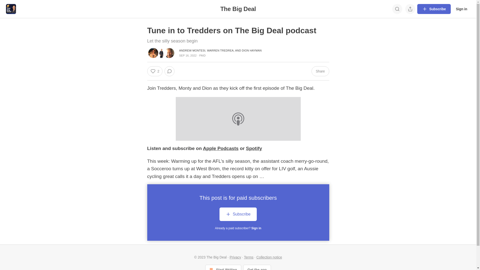 The height and width of the screenshot is (270, 480). Describe the element at coordinates (461, 9) in the screenshot. I see `'Sign in'` at that location.